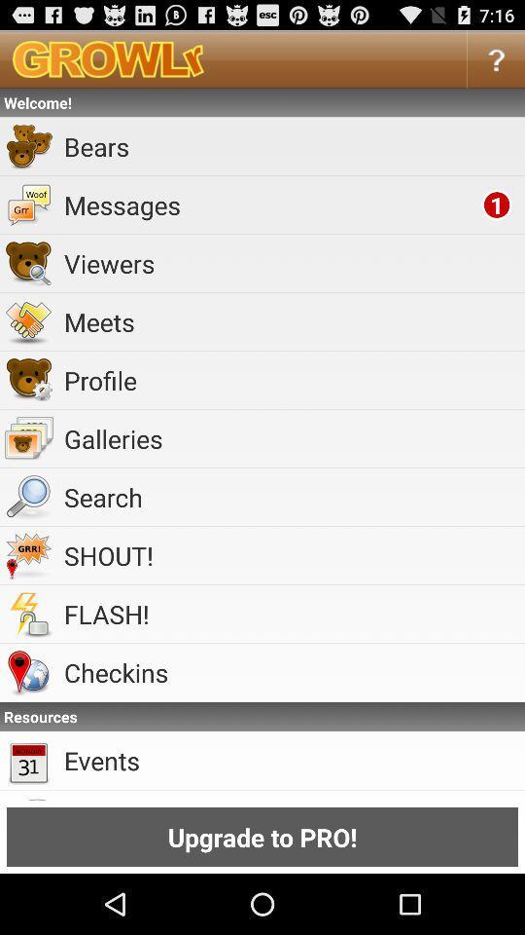 This screenshot has height=935, width=525. Describe the element at coordinates (290, 759) in the screenshot. I see `the icon above the upgrade to pro! item` at that location.